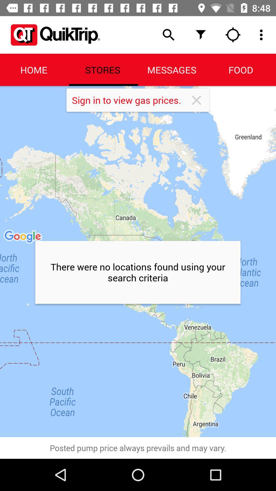  I want to click on the sign in to item, so click(130, 100).